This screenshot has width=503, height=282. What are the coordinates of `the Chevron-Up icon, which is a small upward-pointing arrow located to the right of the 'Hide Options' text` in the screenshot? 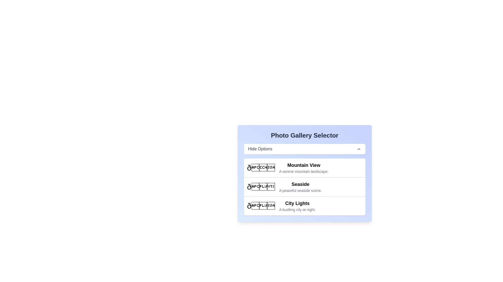 It's located at (358, 149).